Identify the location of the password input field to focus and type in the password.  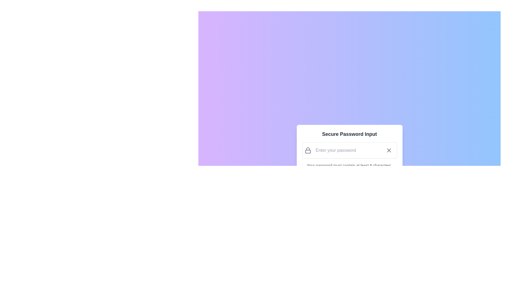
(347, 150).